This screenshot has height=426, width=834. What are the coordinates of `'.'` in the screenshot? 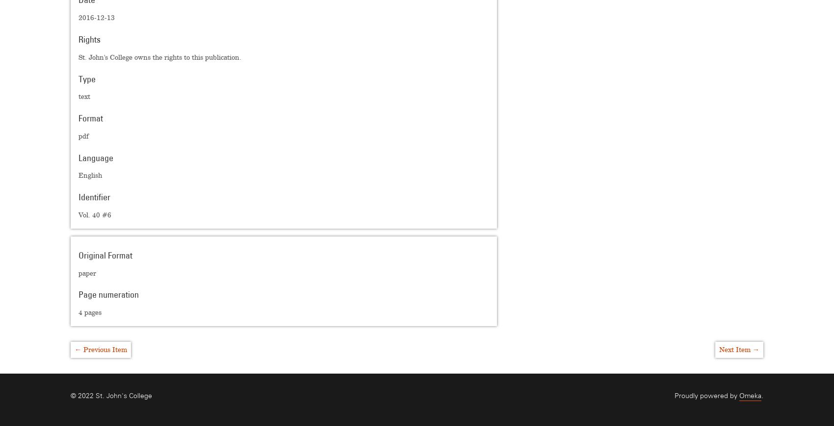 It's located at (761, 396).